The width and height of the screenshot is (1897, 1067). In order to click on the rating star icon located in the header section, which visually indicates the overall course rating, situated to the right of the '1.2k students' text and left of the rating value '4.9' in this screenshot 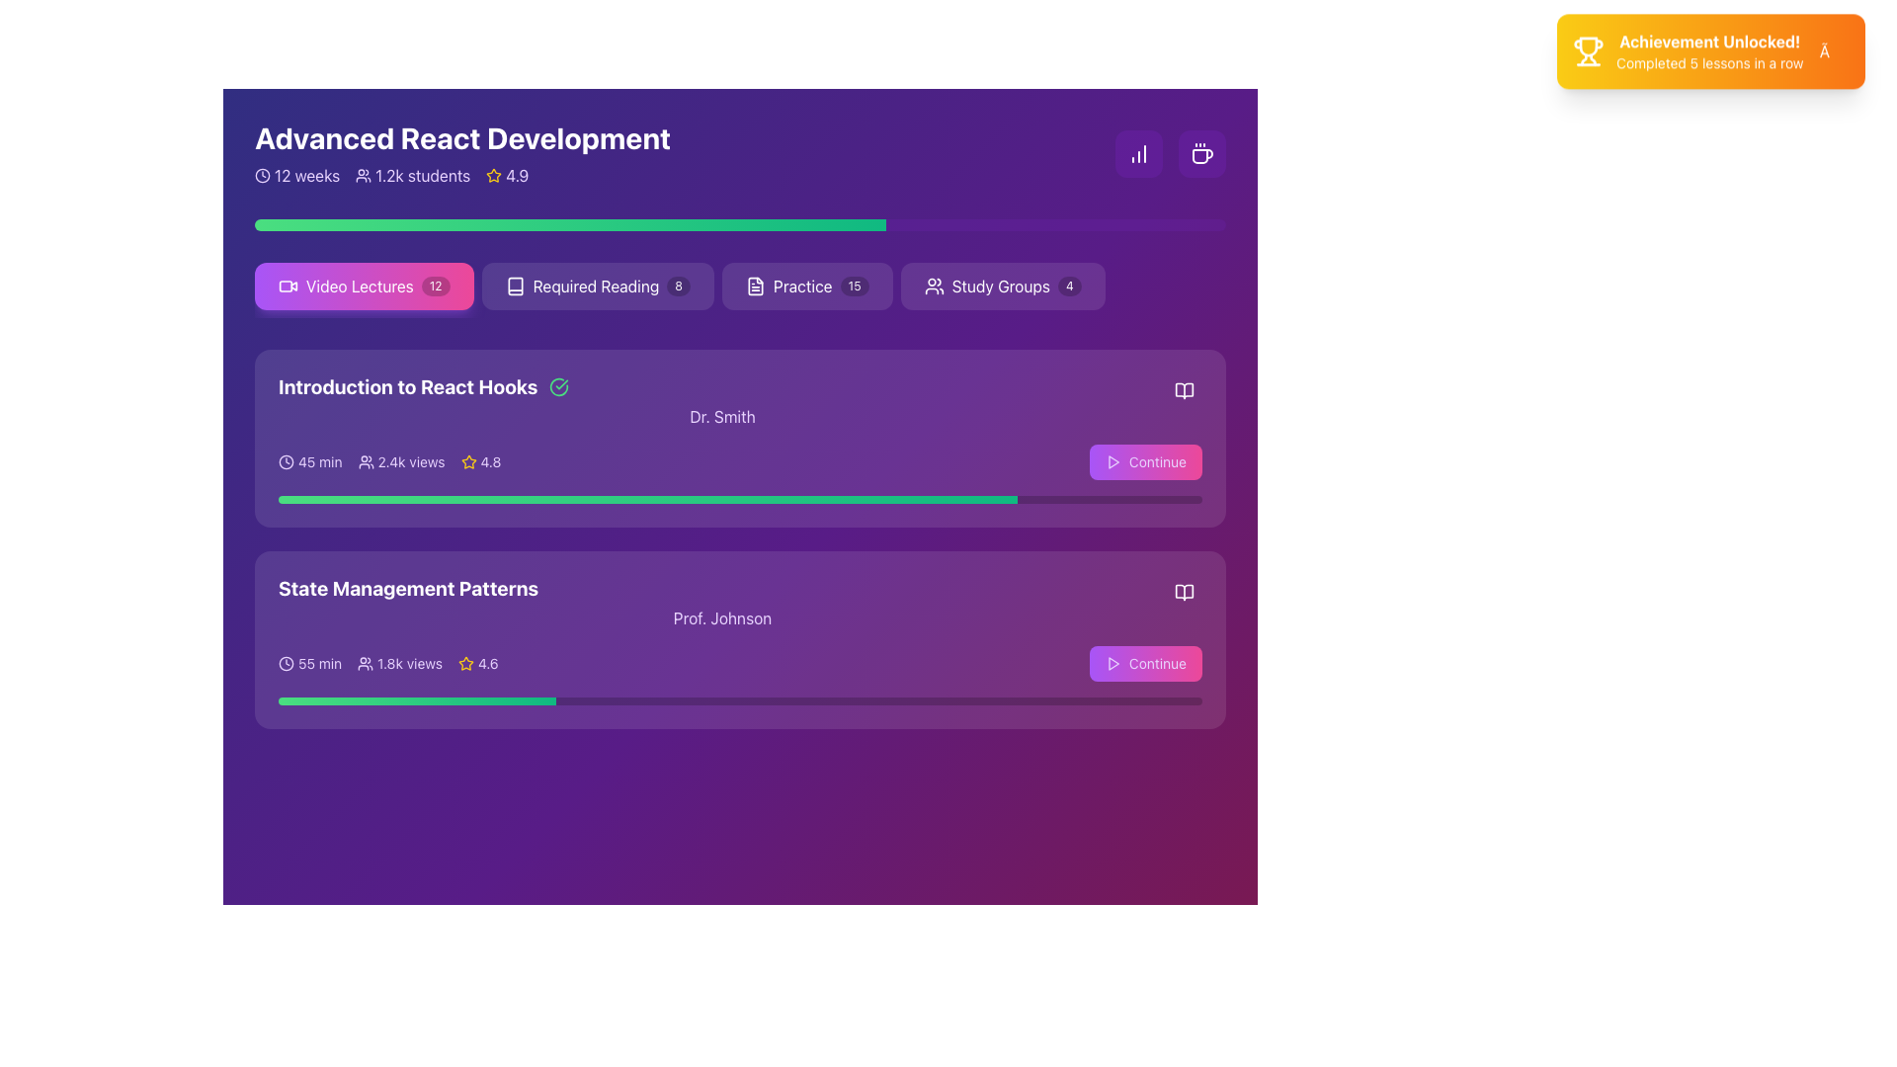, I will do `click(494, 174)`.